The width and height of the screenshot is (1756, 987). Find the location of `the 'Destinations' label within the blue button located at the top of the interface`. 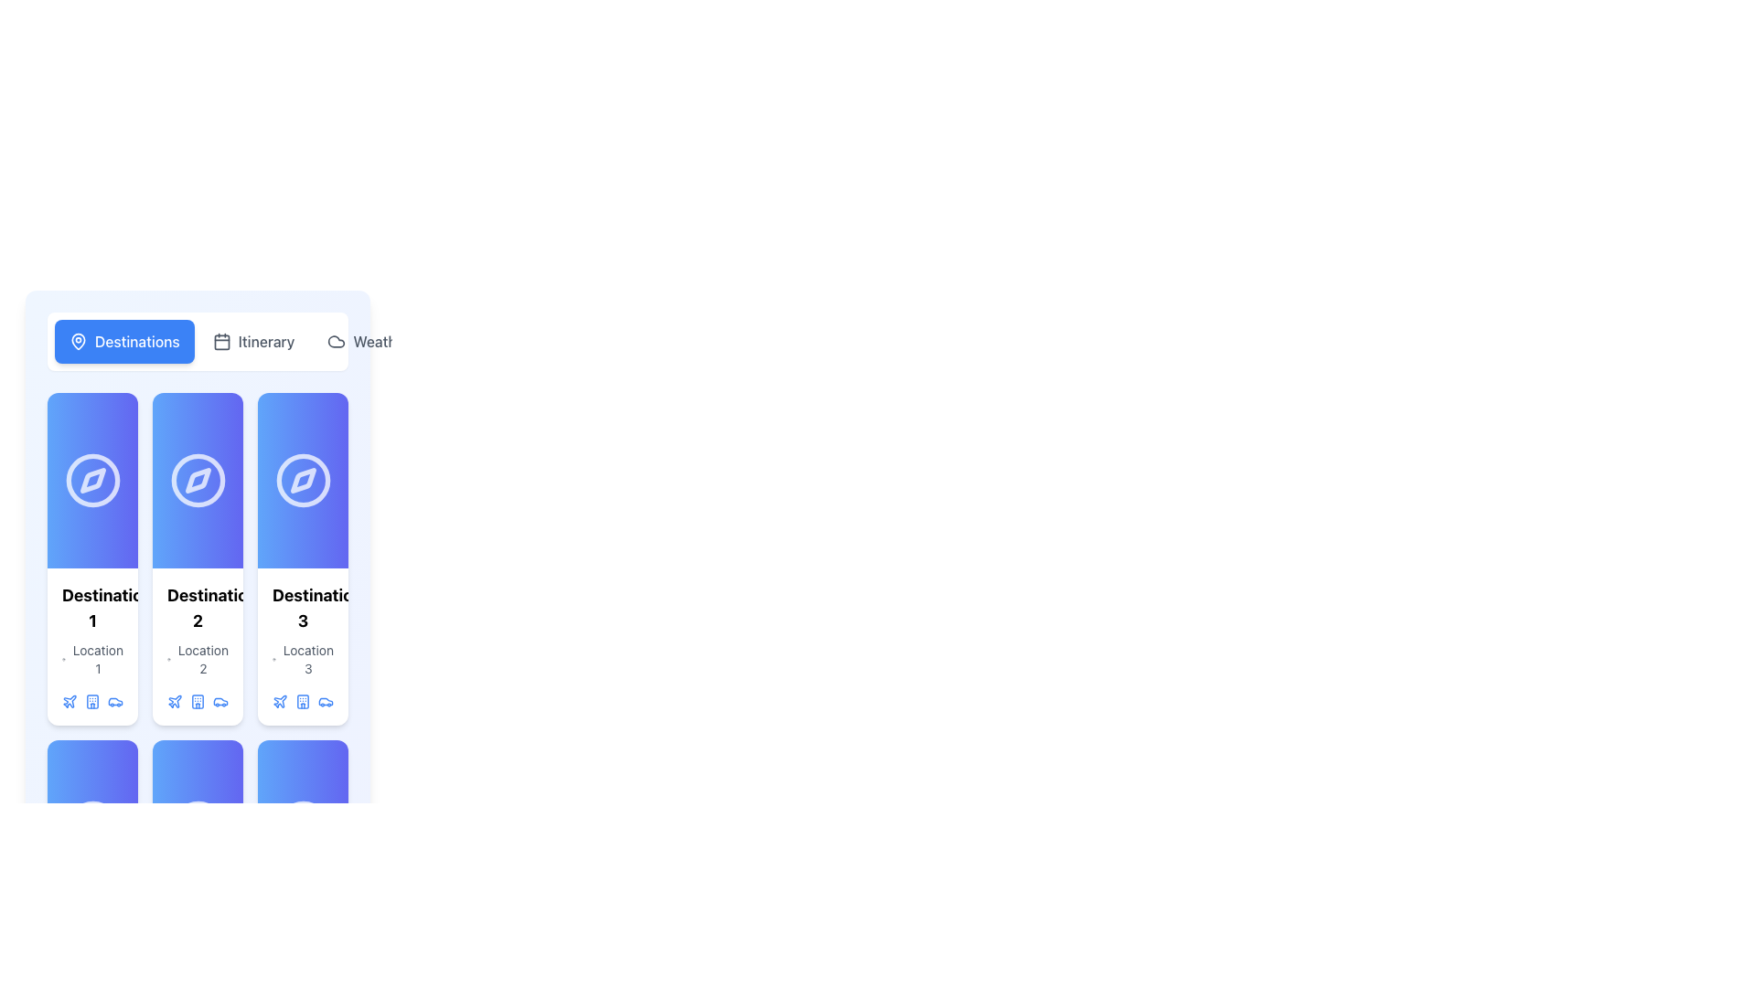

the 'Destinations' label within the blue button located at the top of the interface is located at coordinates (136, 342).